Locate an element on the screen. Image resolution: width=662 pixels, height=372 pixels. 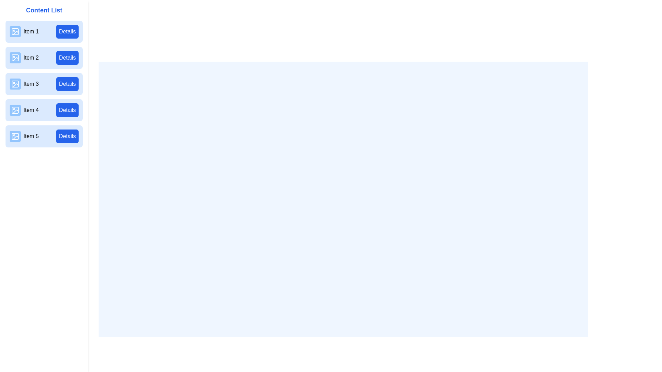
the text label that serves as a descriptor for the fourth row entry in a vertical list, located between an icon and a 'Details' button is located at coordinates (24, 110).